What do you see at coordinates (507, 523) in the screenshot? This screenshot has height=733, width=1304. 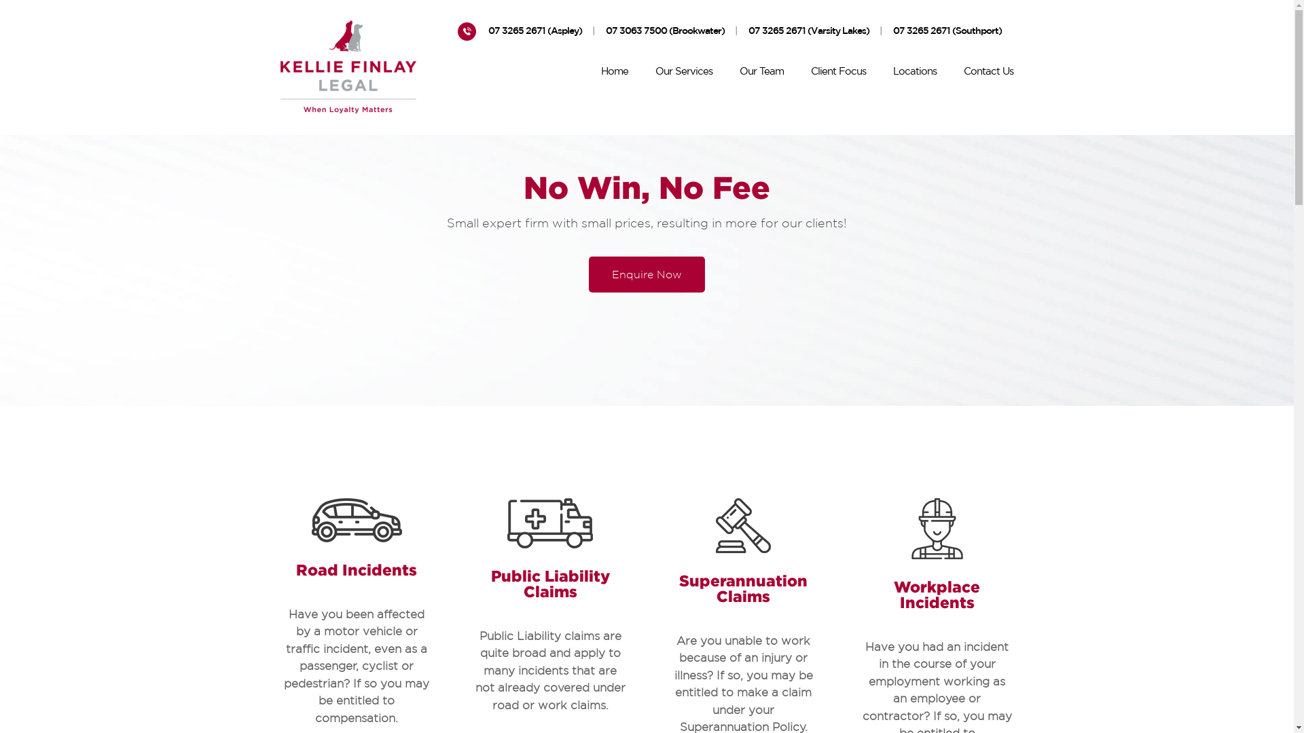 I see `'Public Liability Claims - Kellie Finlay Legal'` at bounding box center [507, 523].